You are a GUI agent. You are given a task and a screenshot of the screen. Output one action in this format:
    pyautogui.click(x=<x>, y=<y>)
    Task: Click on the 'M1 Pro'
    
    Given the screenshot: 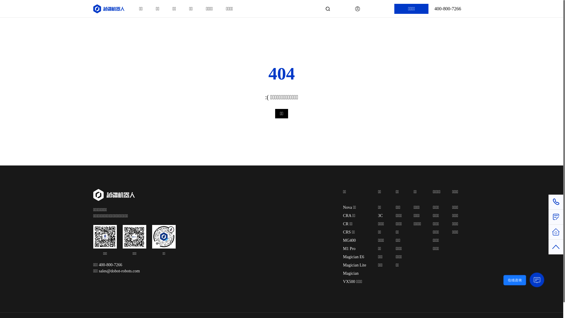 What is the action you would take?
    pyautogui.click(x=343, y=249)
    